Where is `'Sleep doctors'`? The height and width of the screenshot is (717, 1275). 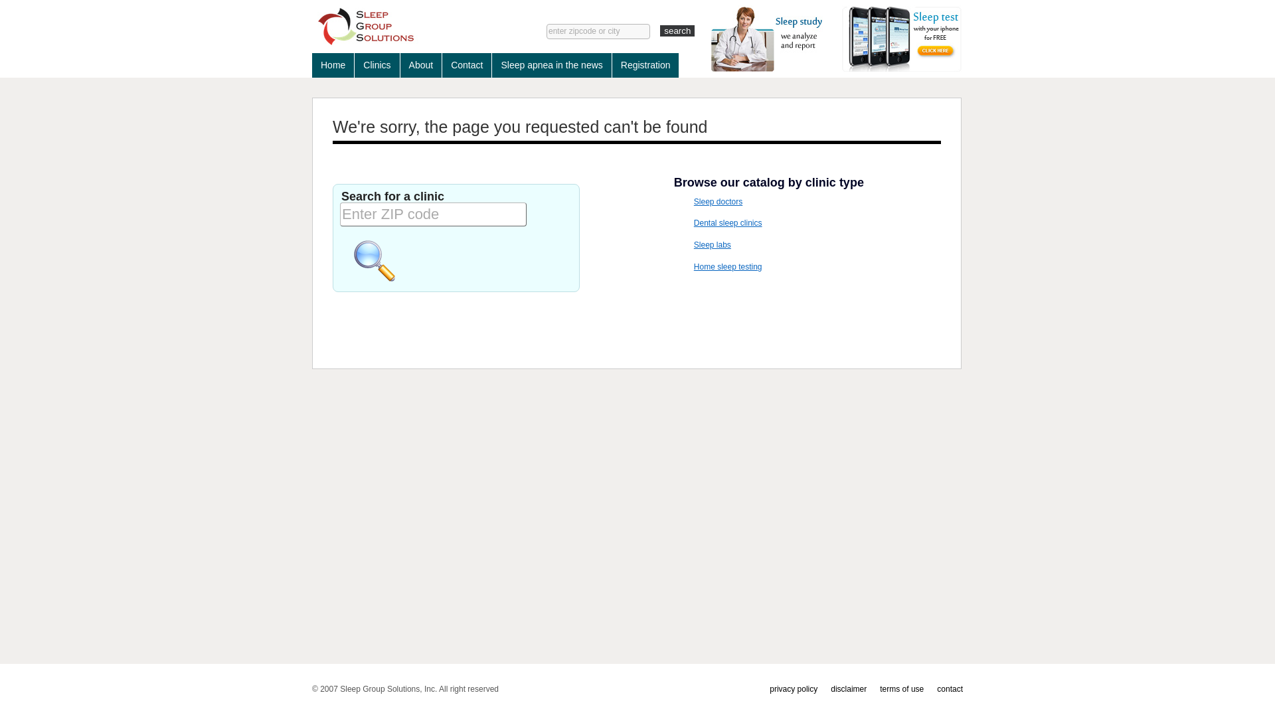
'Sleep doctors' is located at coordinates (717, 202).